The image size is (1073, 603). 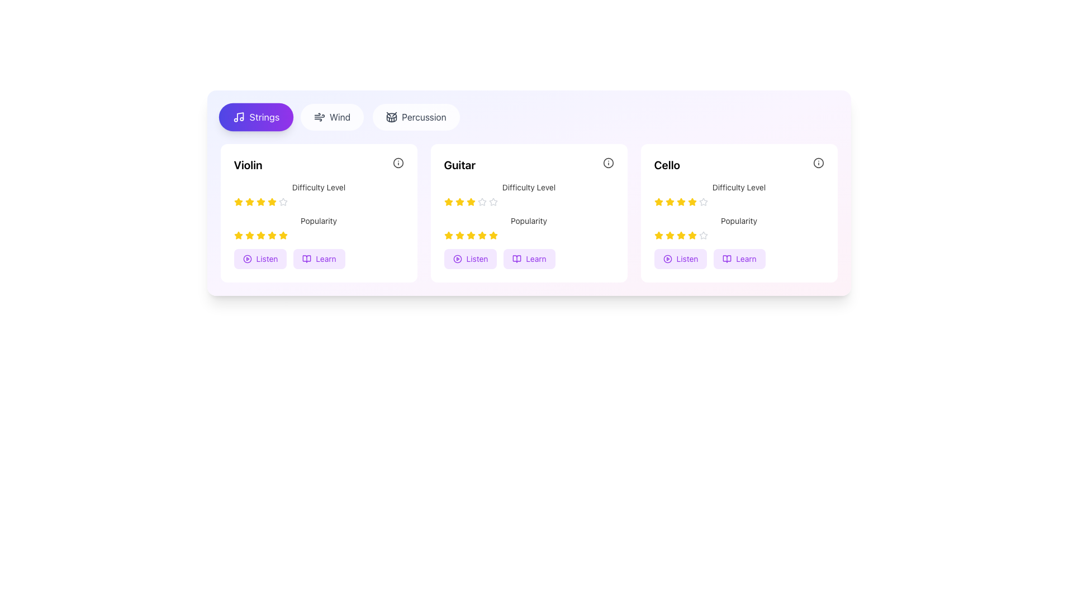 What do you see at coordinates (260, 202) in the screenshot?
I see `the third star rating icon represented as a yellow four-pointed star in the 'Difficulty Level' section of the 'Violin' card to rate it` at bounding box center [260, 202].